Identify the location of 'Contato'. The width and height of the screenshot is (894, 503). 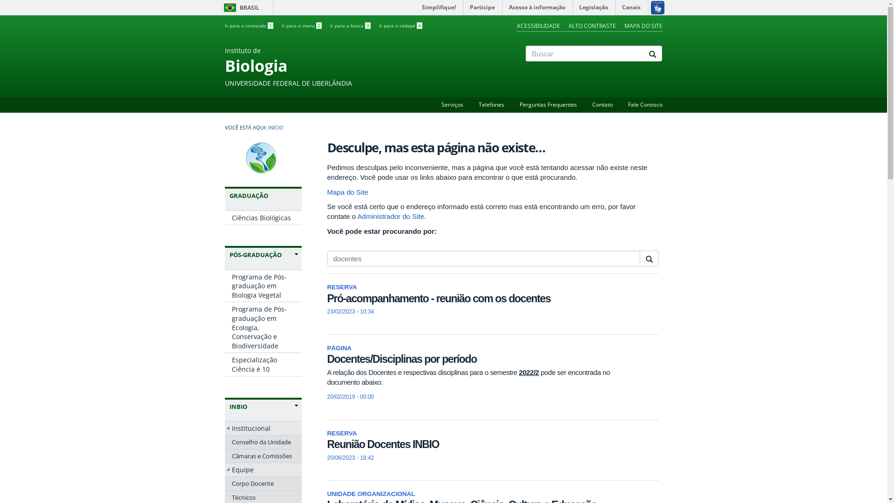
(603, 104).